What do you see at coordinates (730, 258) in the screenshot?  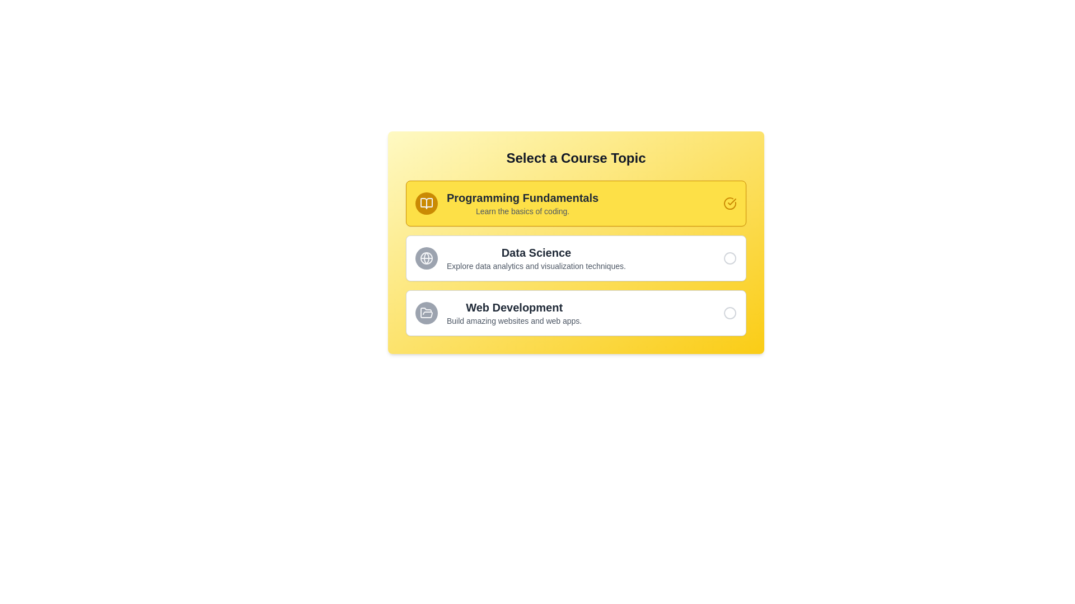 I see `the medium-sized outlined circle icon (radio button) located on the far-right side of the 'Data Science' section` at bounding box center [730, 258].